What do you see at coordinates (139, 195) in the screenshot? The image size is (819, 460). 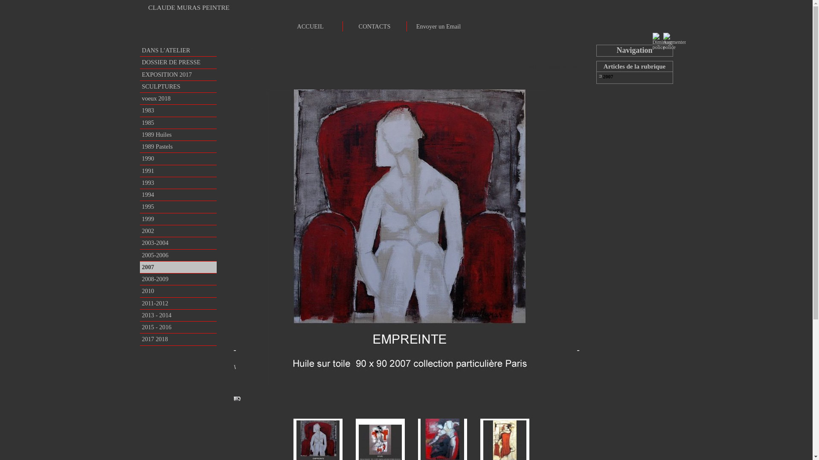 I see `'1994'` at bounding box center [139, 195].